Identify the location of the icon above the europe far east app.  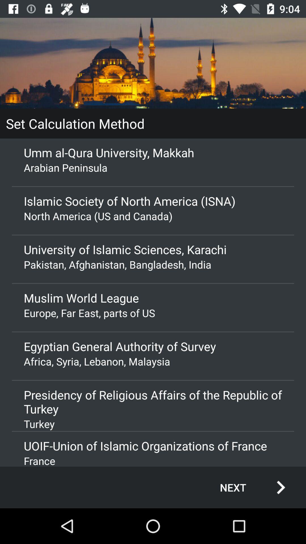
(153, 297).